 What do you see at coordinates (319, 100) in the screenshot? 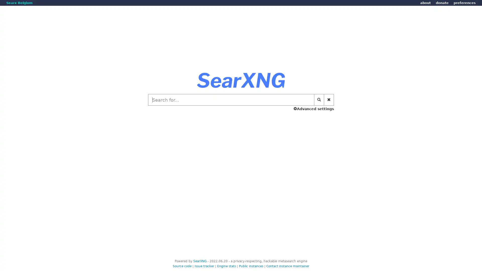
I see `Start search` at bounding box center [319, 100].